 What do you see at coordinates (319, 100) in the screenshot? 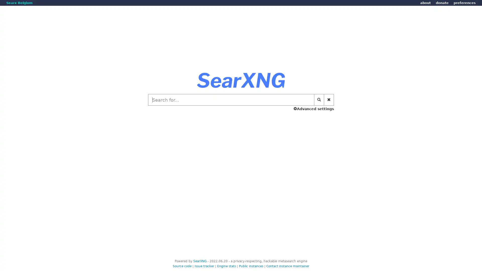
I see `Start search` at bounding box center [319, 100].